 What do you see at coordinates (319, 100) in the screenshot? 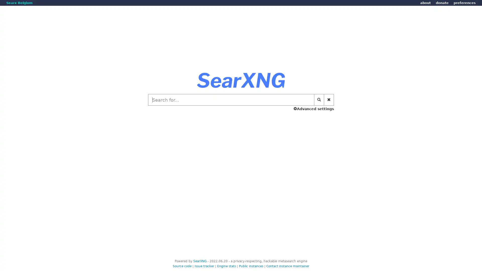
I see `Start search` at bounding box center [319, 100].